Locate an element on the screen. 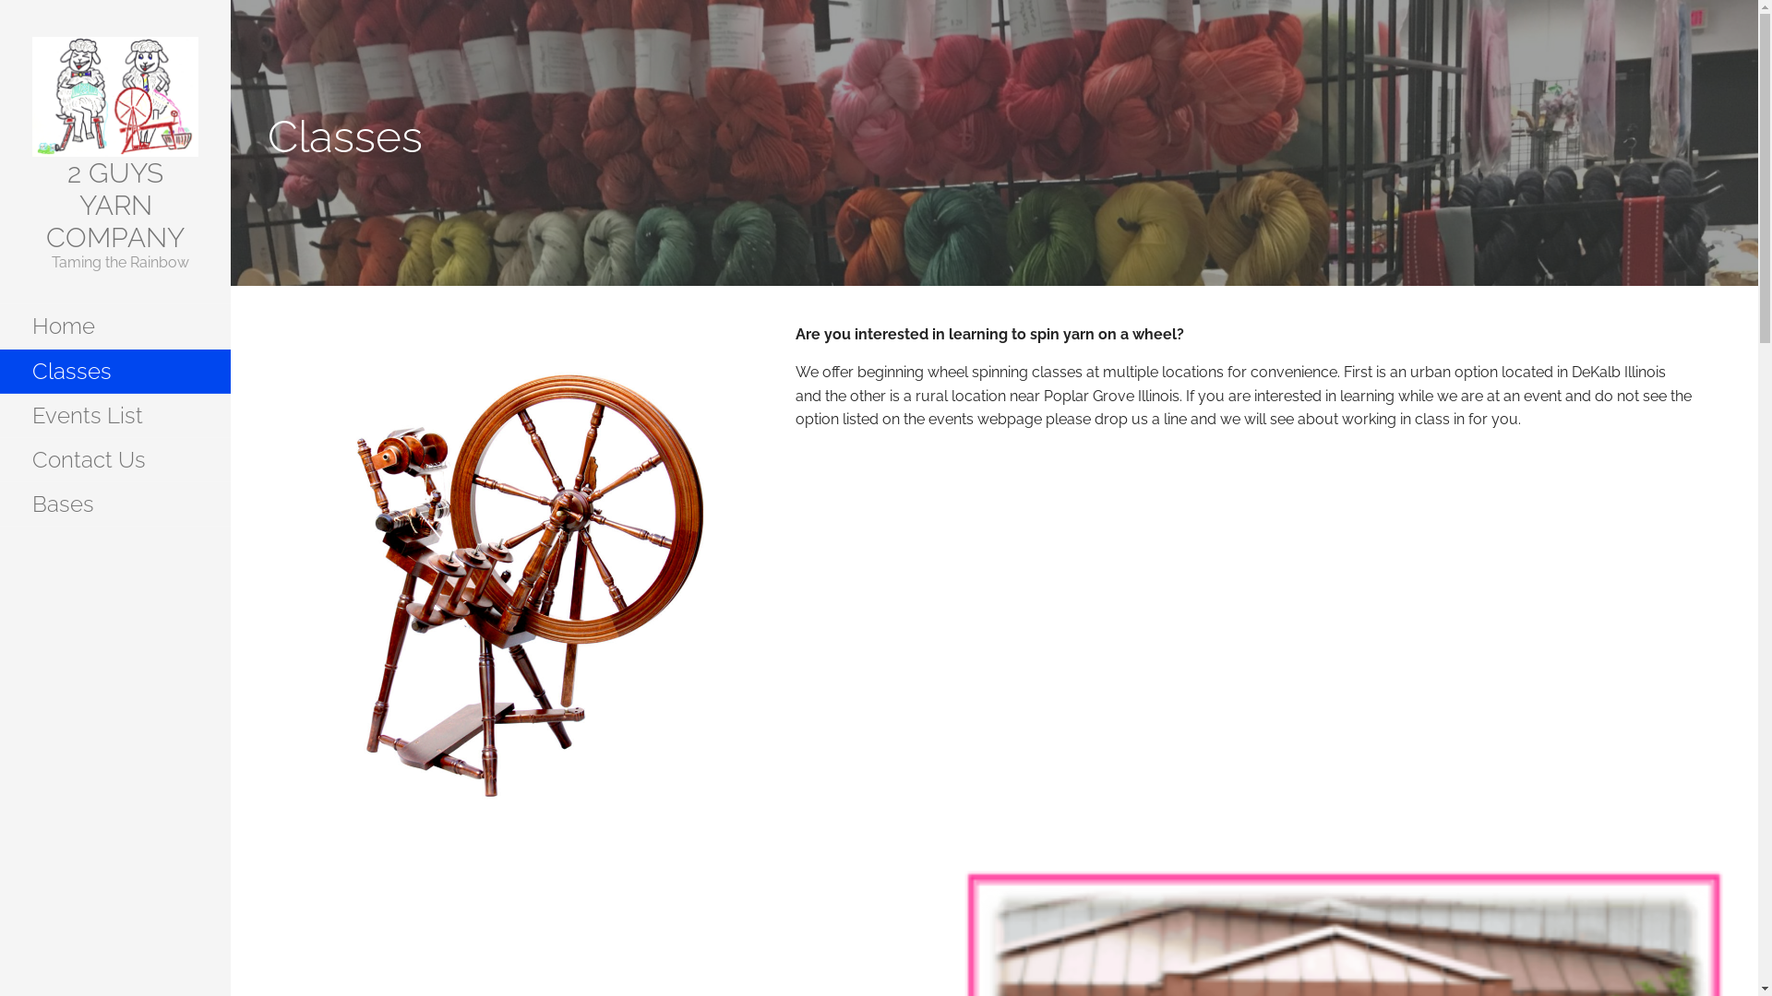  'Events List' is located at coordinates (114, 416).